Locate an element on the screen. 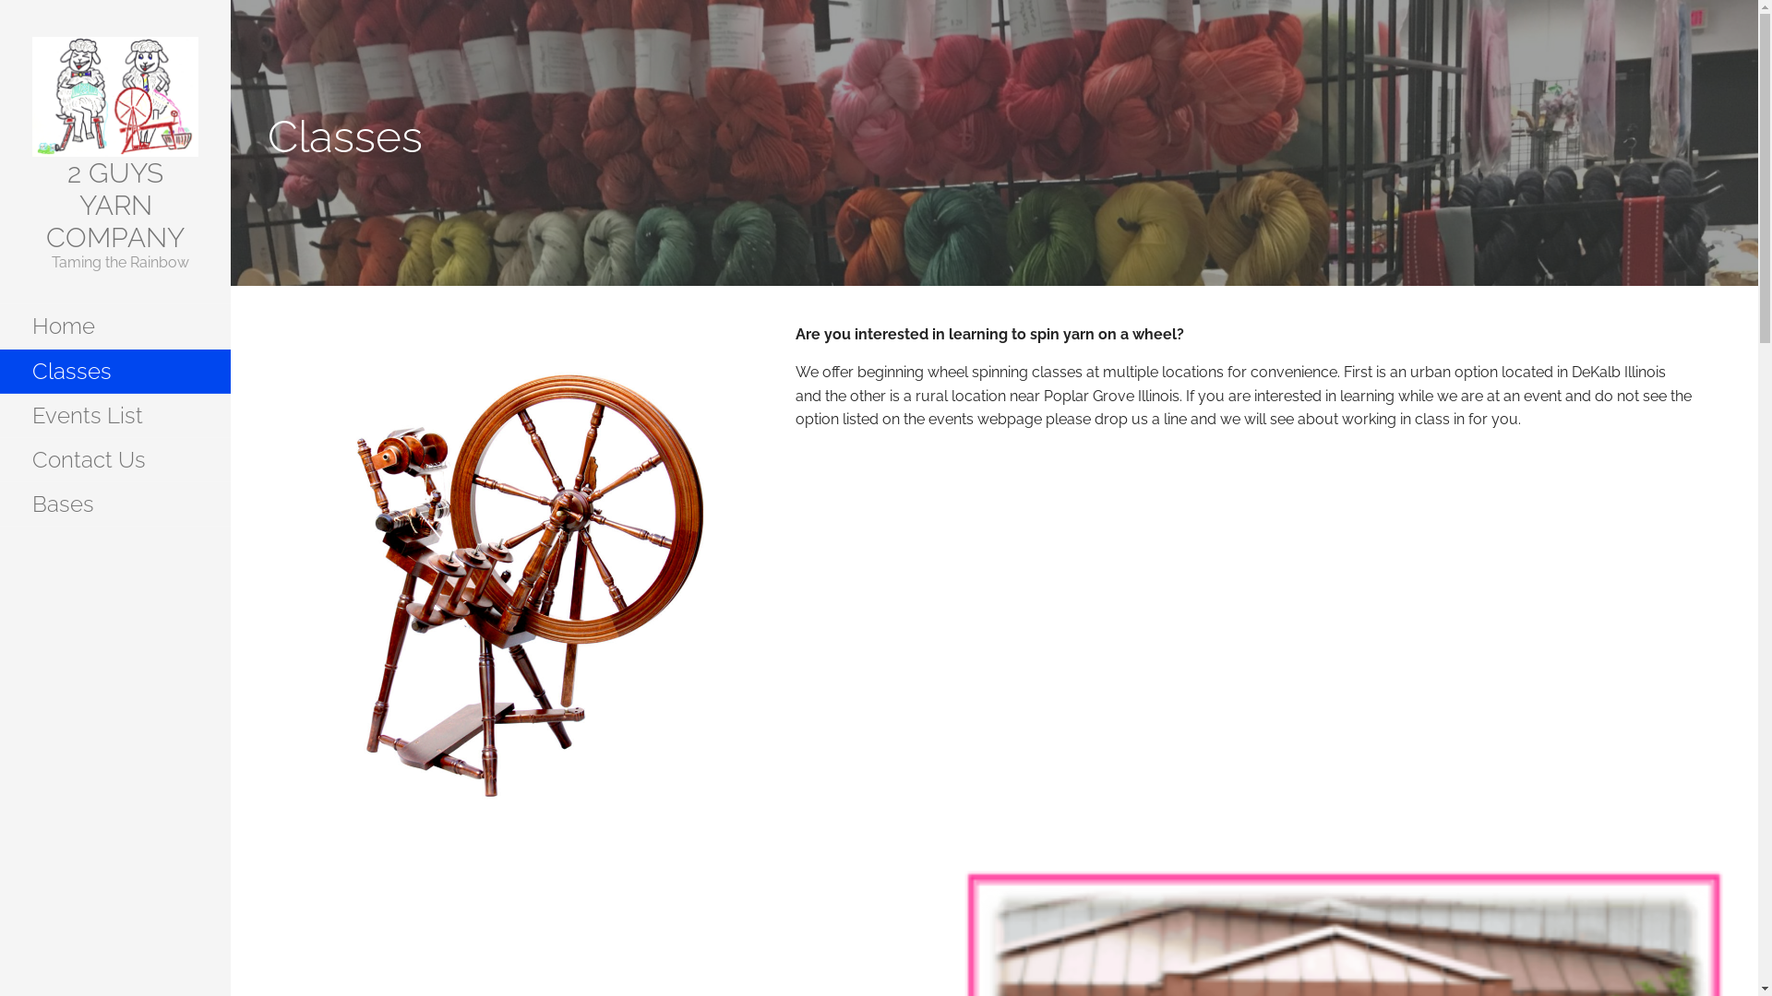  'Events List' is located at coordinates (114, 416).